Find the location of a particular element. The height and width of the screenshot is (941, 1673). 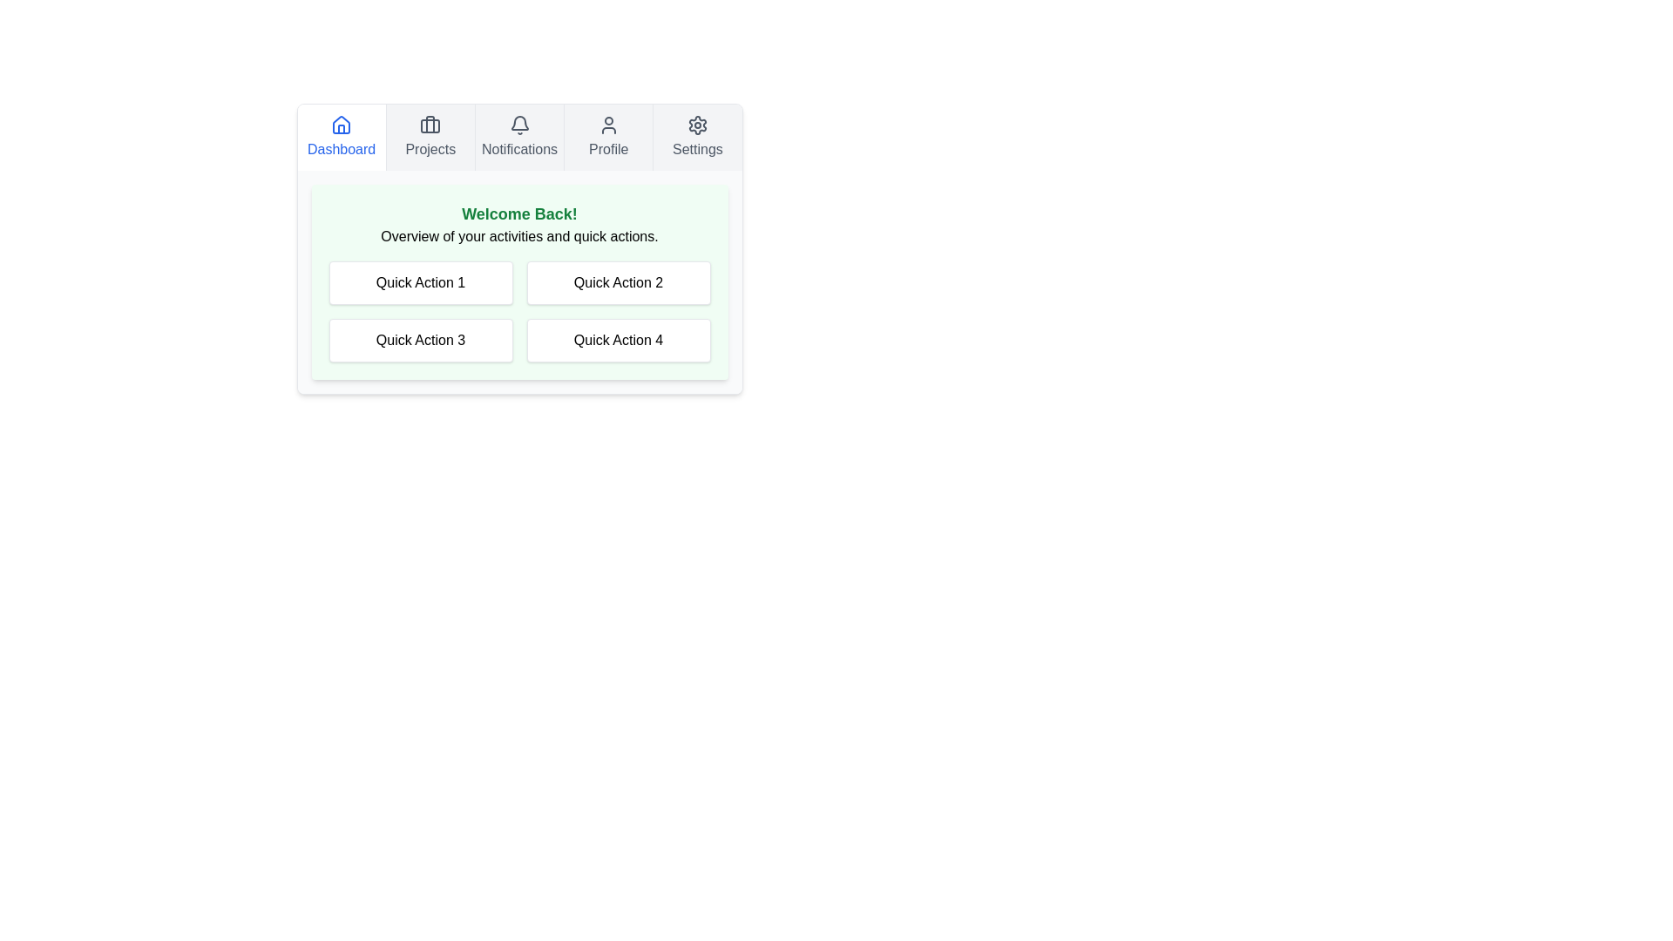

the bold, green-colored 'Welcome Back!' text header, which is centered within a light green background area is located at coordinates (518, 213).